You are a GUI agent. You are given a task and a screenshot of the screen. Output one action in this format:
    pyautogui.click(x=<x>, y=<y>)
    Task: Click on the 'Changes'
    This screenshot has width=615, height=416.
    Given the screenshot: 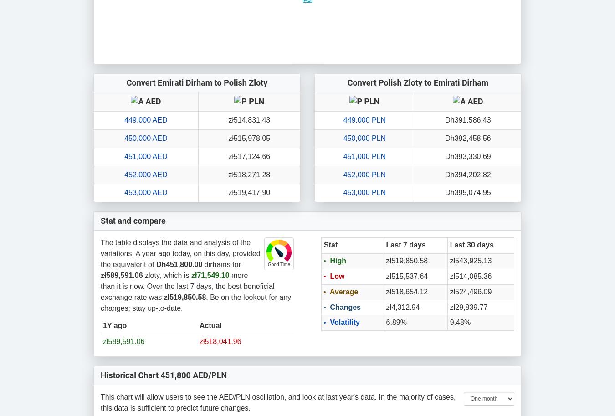 What is the action you would take?
    pyautogui.click(x=327, y=307)
    